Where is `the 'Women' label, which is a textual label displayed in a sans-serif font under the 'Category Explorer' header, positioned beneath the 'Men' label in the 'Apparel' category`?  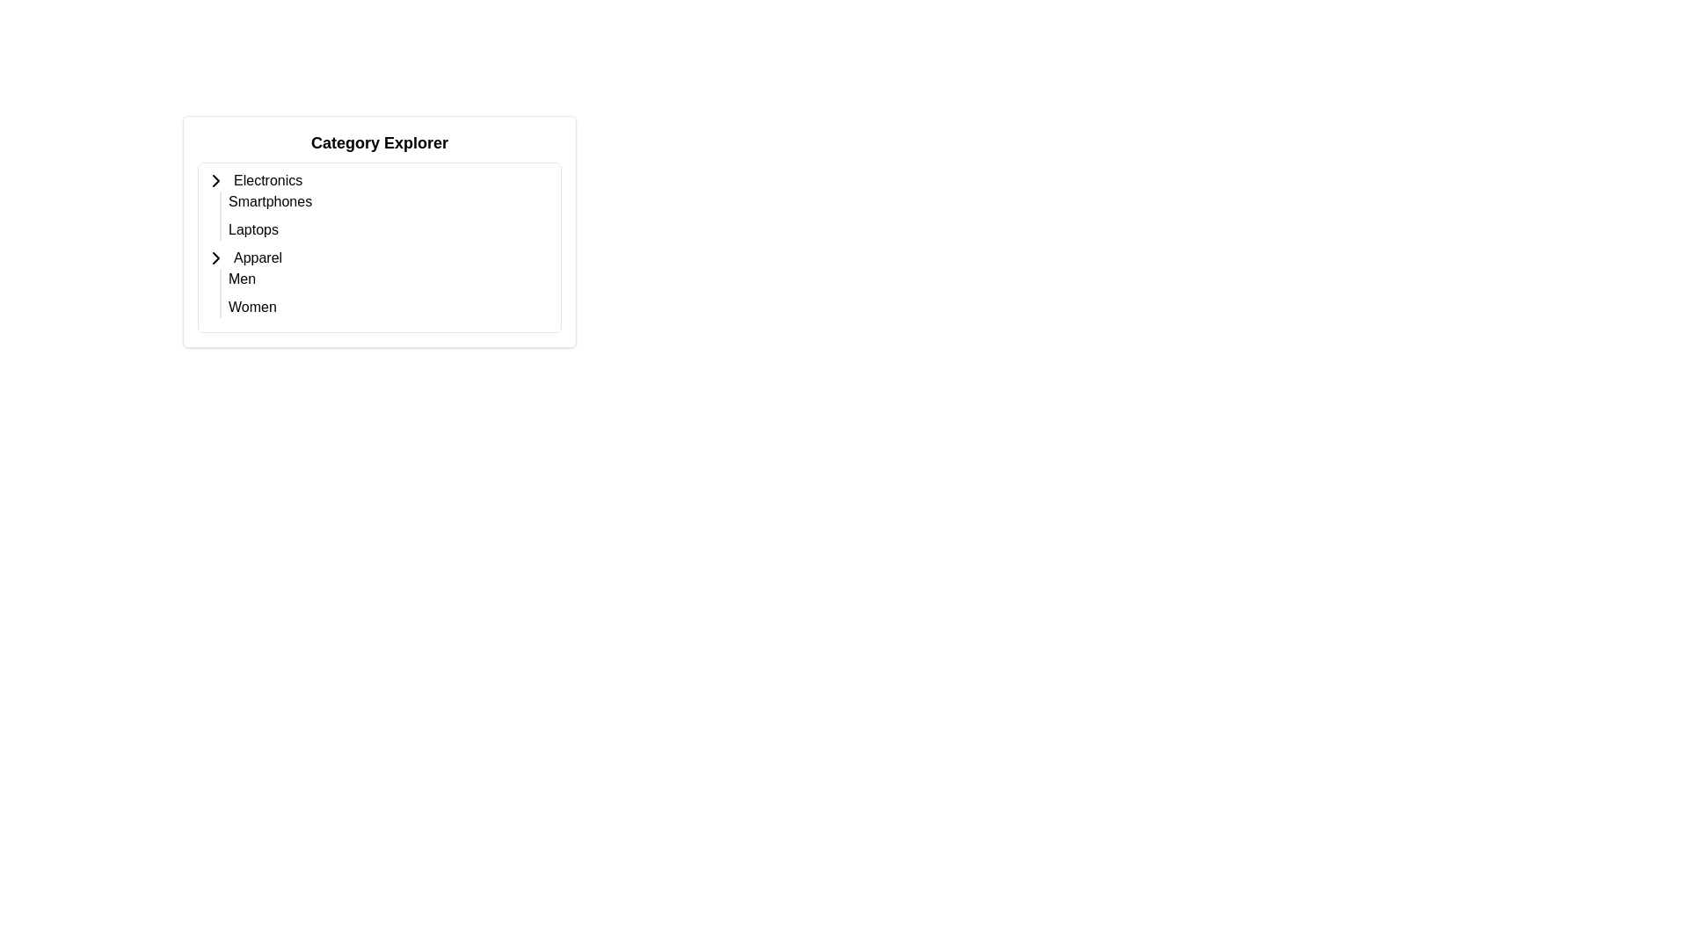 the 'Women' label, which is a textual label displayed in a sans-serif font under the 'Category Explorer' header, positioned beneath the 'Men' label in the 'Apparel' category is located at coordinates (251, 307).